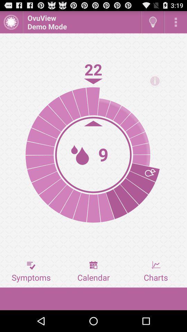 This screenshot has width=187, height=332. What do you see at coordinates (31, 271) in the screenshot?
I see `button at the bottom left corner` at bounding box center [31, 271].